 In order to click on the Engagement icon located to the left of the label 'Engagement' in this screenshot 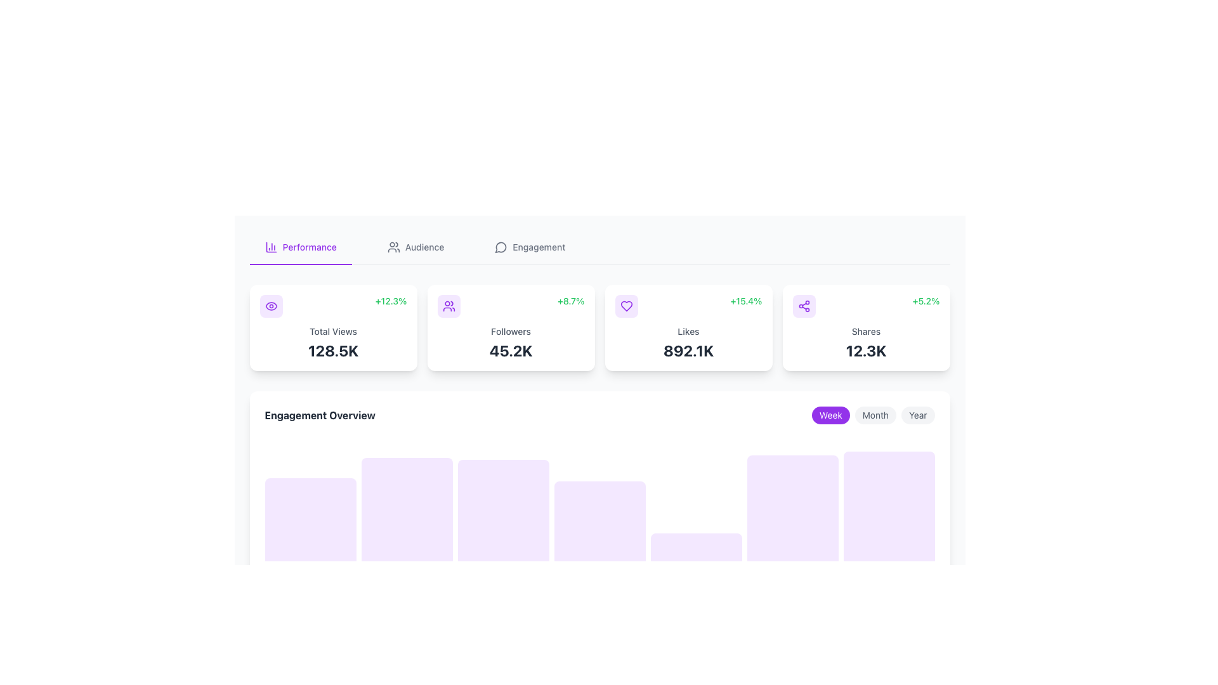, I will do `click(501, 247)`.